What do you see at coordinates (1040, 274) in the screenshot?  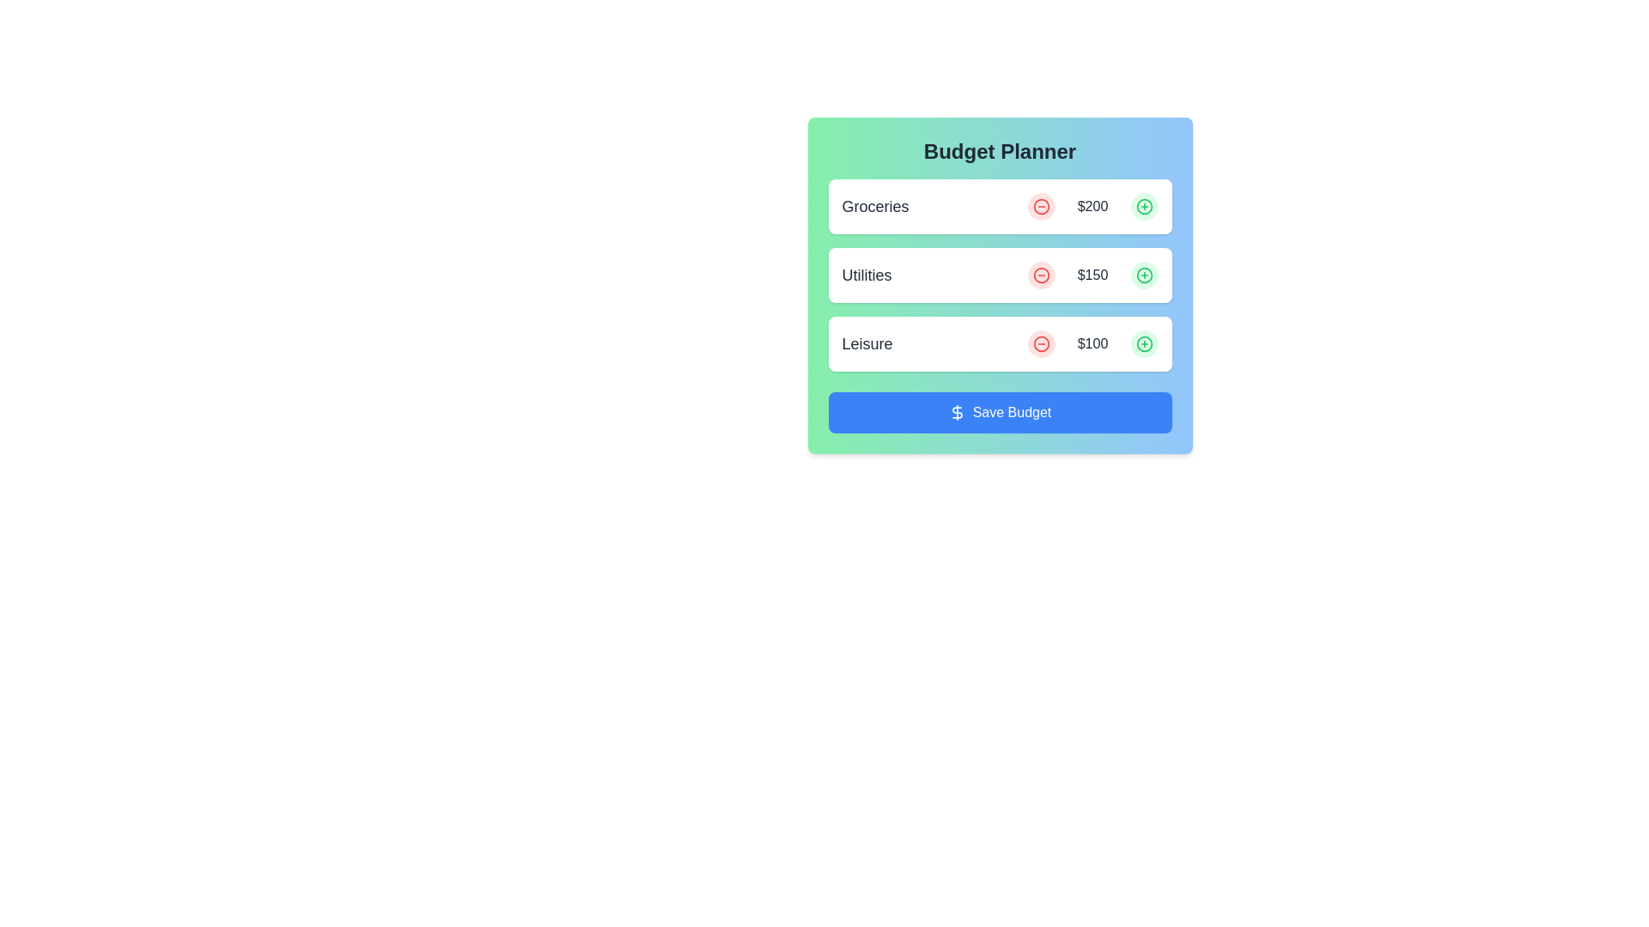 I see `the interactive circle icon for the subtraction action located in the 'Utilities' row, which is situated immediately to the left of the monetary value ($150)` at bounding box center [1040, 274].